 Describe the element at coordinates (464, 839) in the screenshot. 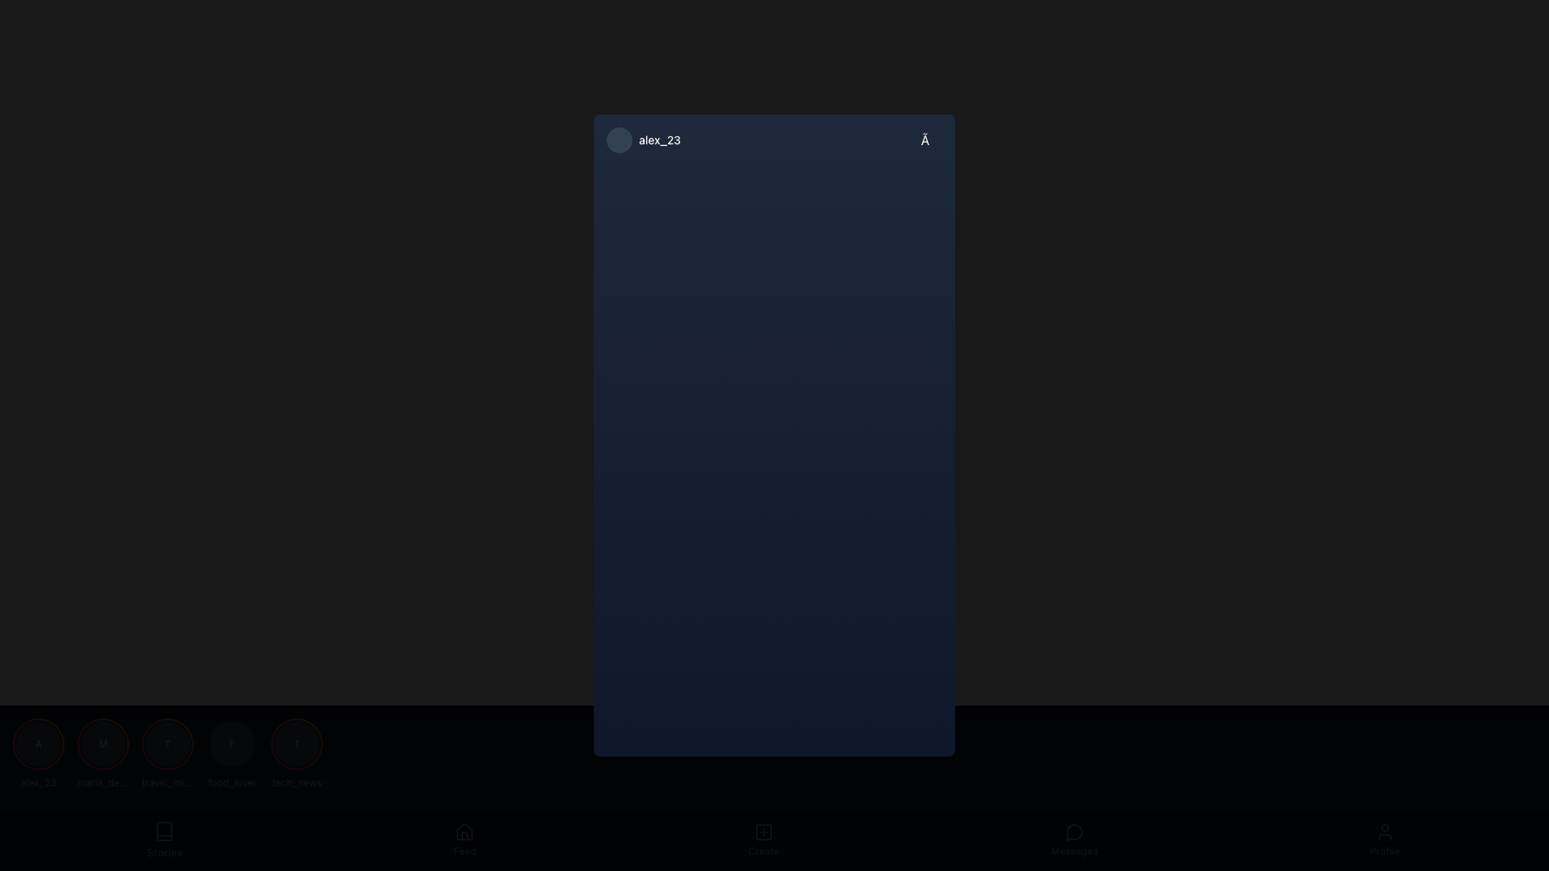

I see `the navigation button located in the bottom navigation bar, which is the second item from the left` at that location.